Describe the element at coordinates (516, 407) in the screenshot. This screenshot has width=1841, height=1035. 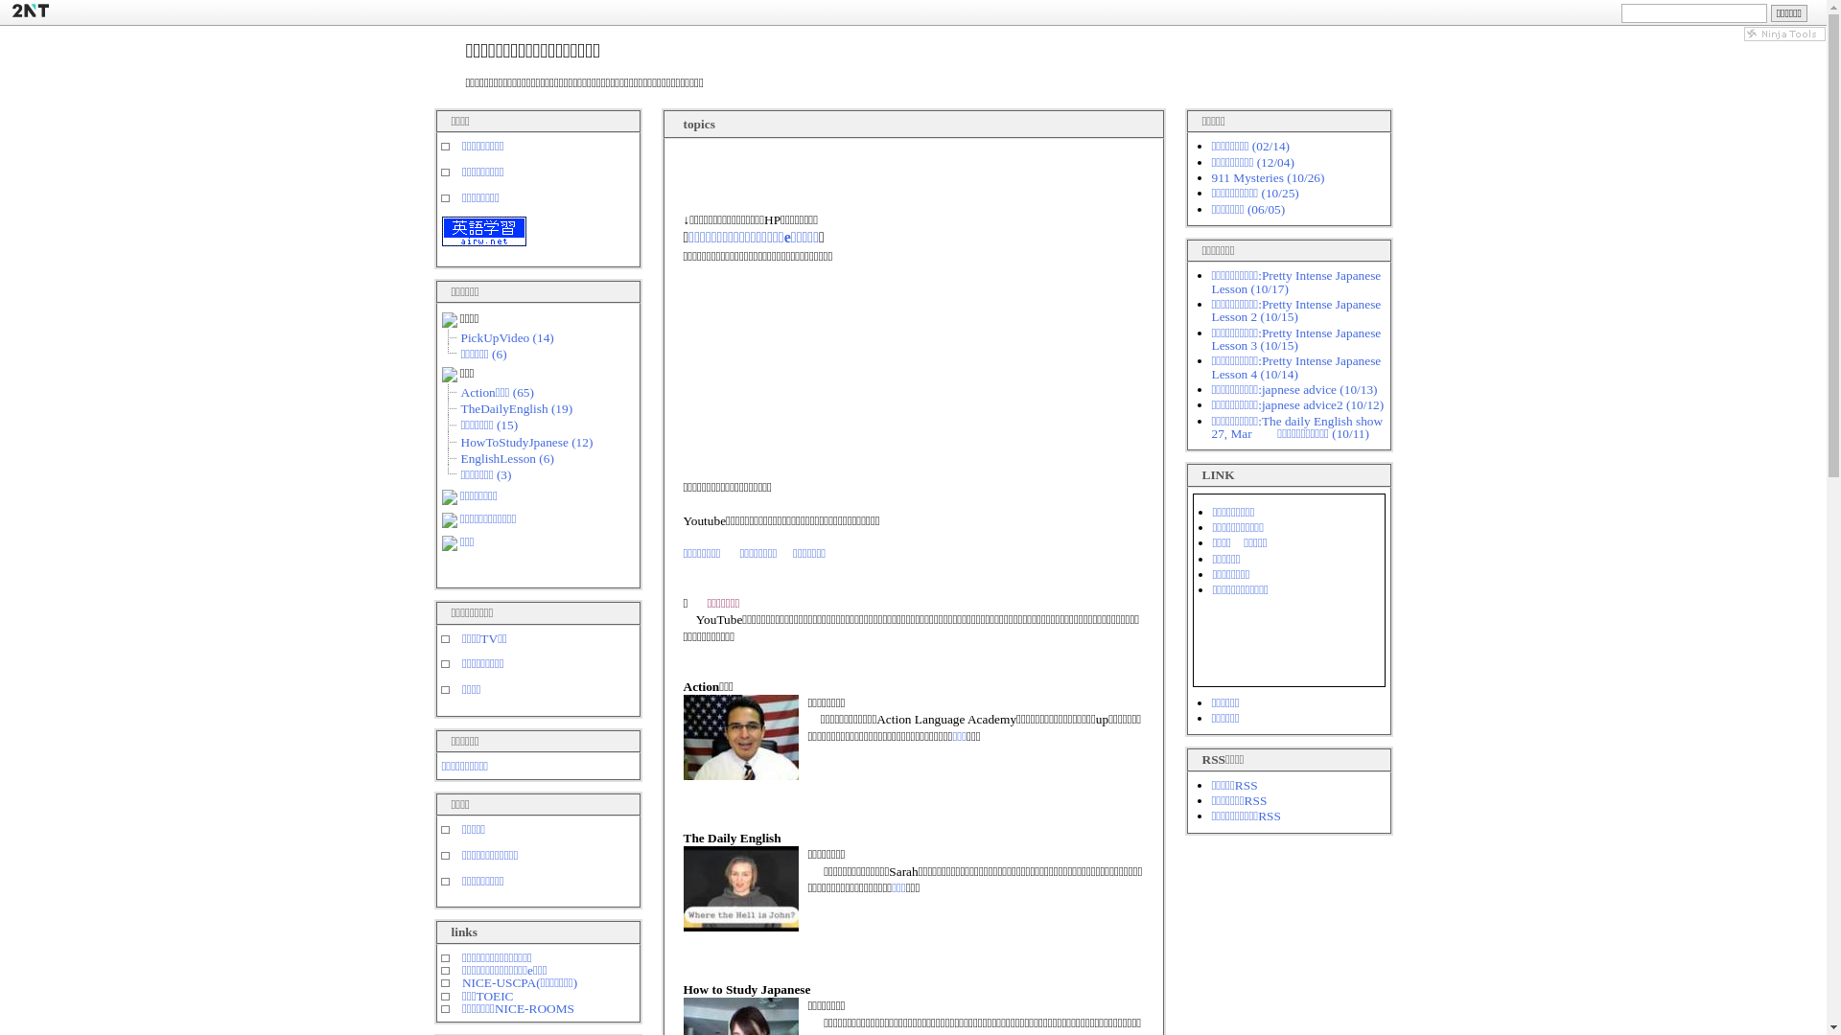
I see `'TheDailyEnglish (19)'` at that location.